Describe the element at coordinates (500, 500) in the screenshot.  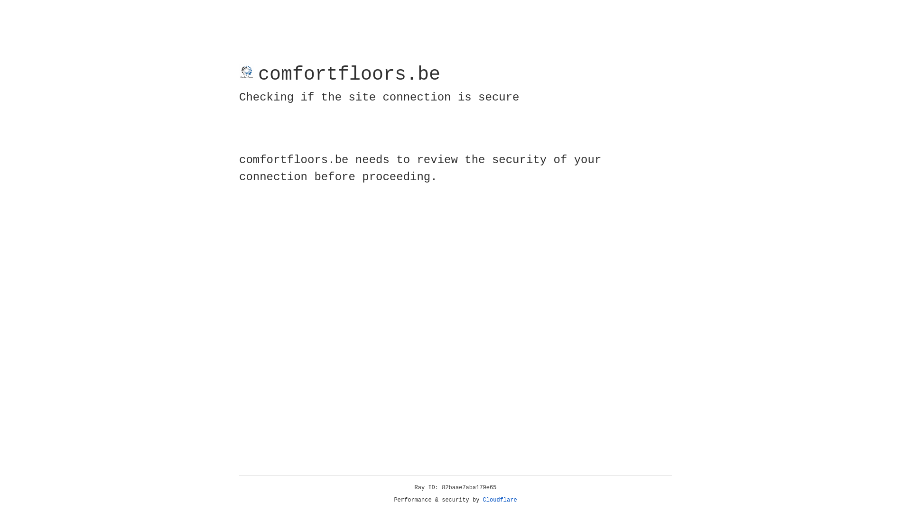
I see `'Cloudflare'` at that location.